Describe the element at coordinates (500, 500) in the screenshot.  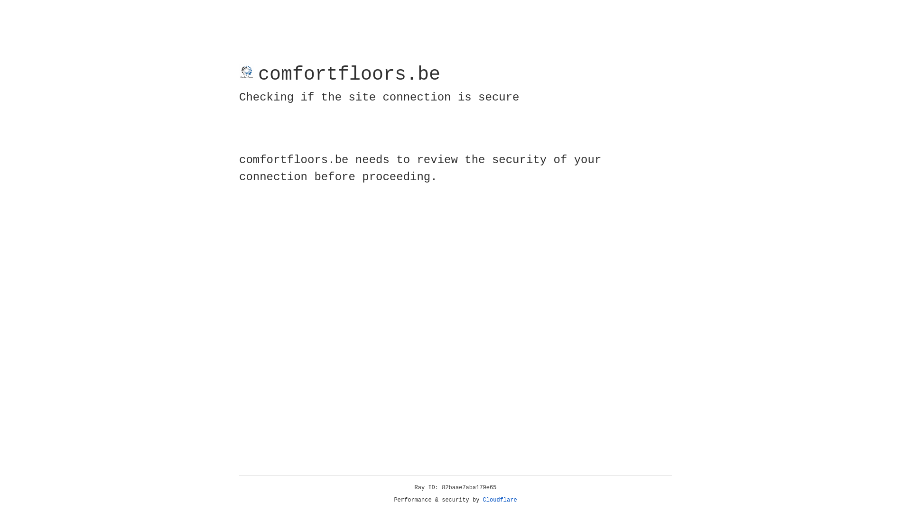
I see `'Cloudflare'` at that location.